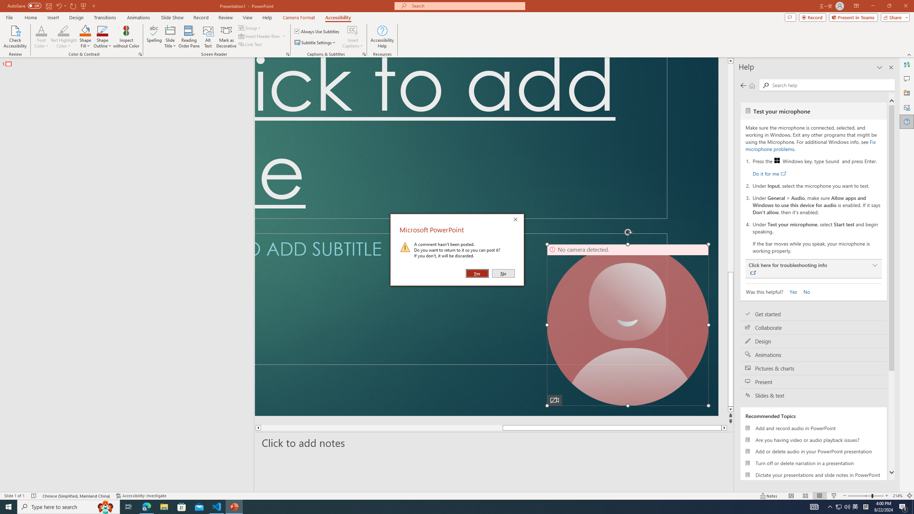  I want to click on 'Under Input, select the microphone you want to test.', so click(817, 185).